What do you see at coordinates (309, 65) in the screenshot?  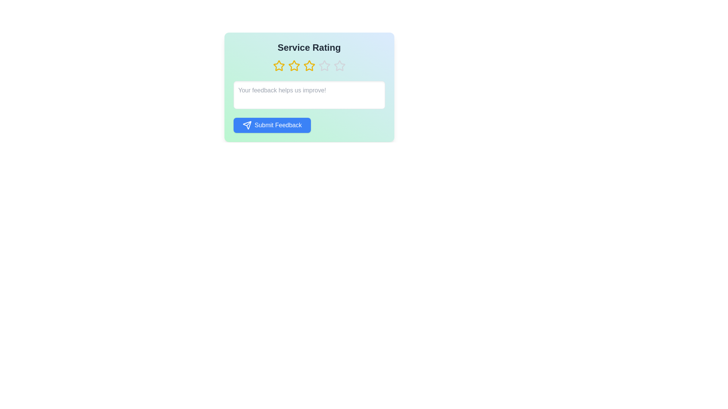 I see `the rating stars located below the 'Service Rating' heading` at bounding box center [309, 65].